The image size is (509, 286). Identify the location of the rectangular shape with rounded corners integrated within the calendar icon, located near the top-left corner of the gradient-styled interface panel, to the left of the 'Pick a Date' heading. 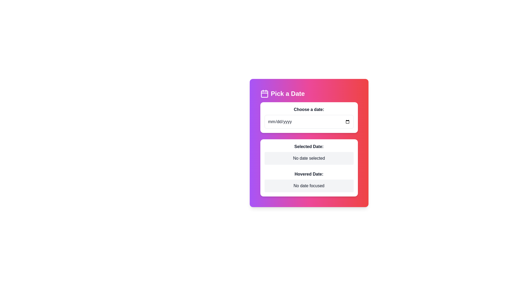
(264, 94).